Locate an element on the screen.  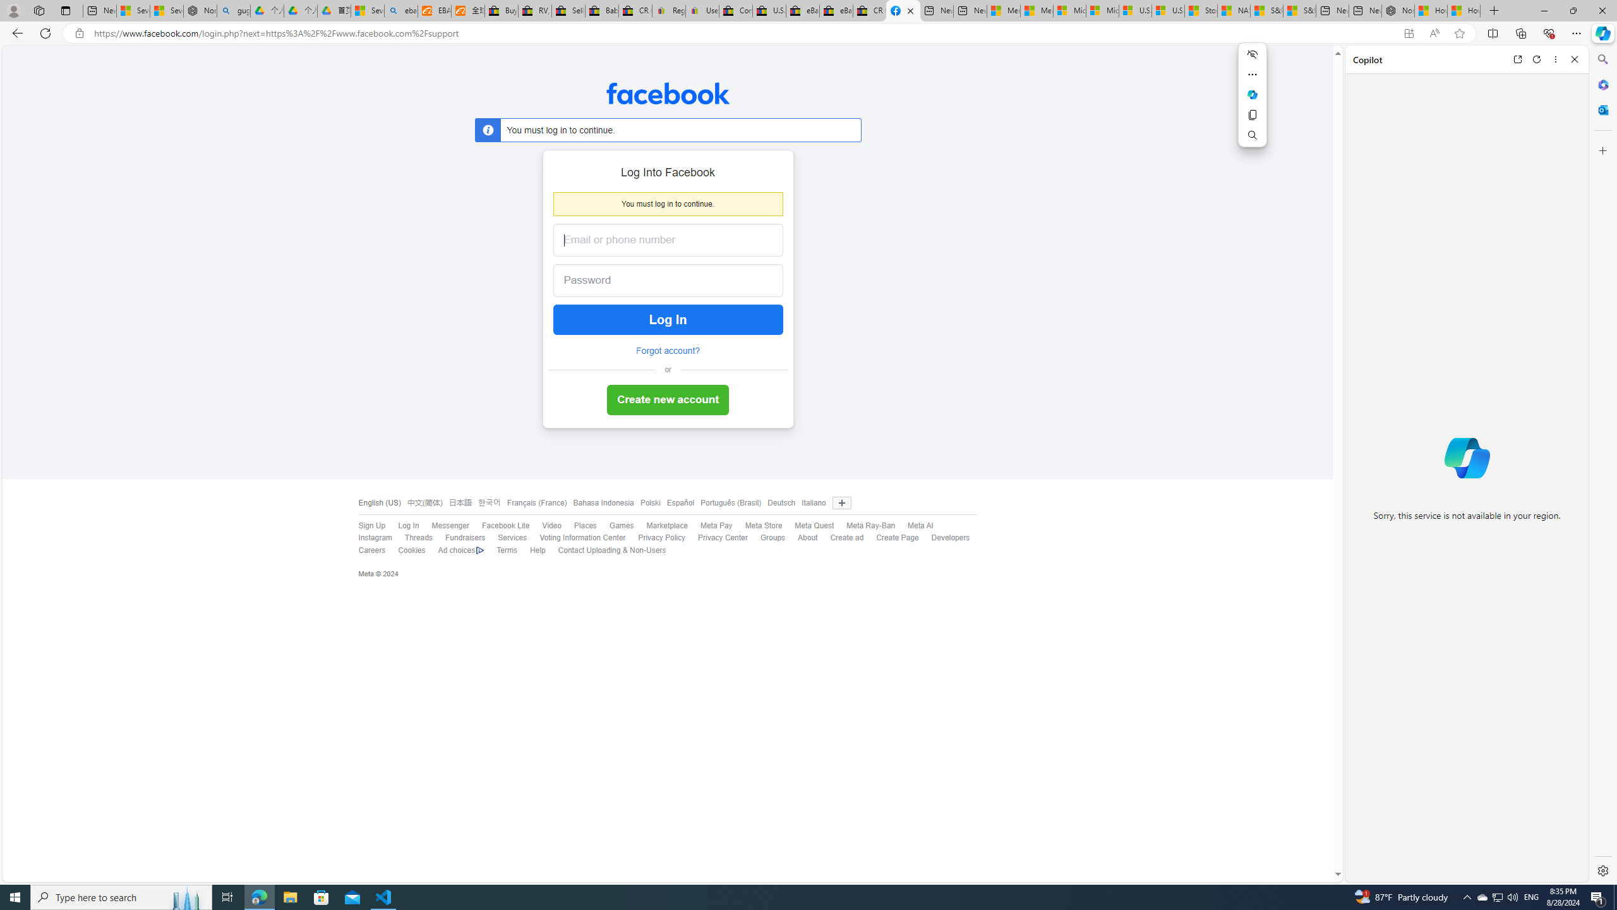
'Cookies' is located at coordinates (404, 550).